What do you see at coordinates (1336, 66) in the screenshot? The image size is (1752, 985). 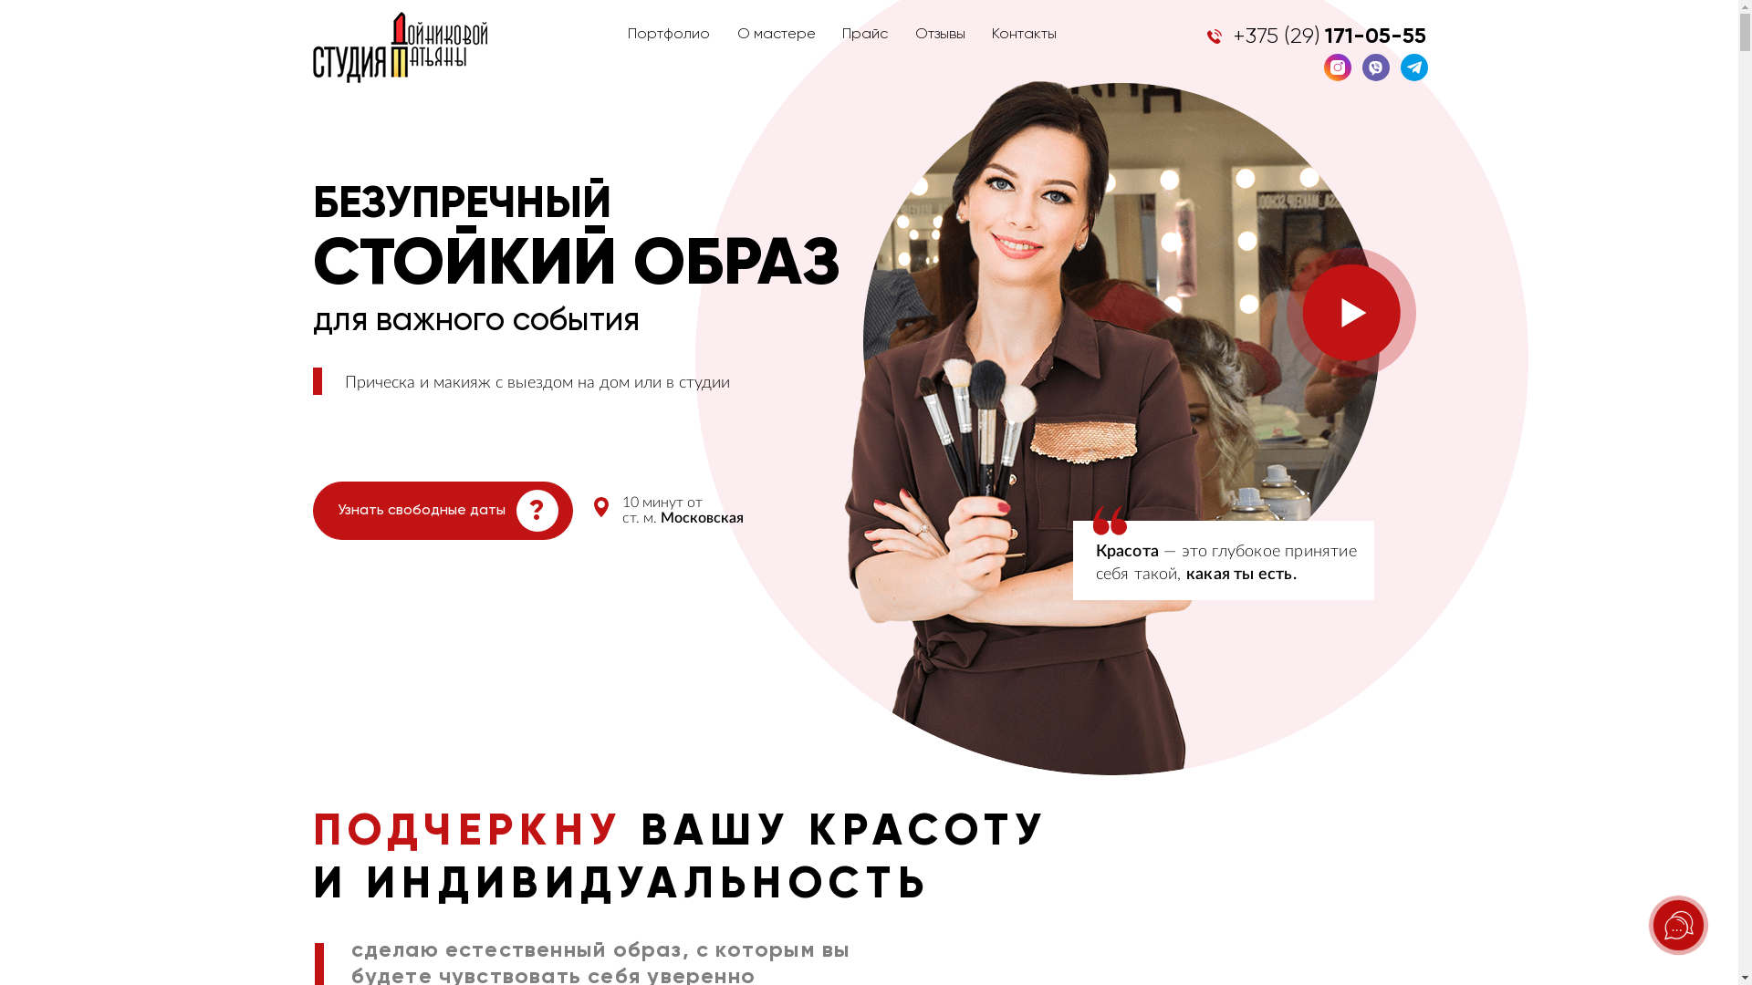 I see `'Instagram'` at bounding box center [1336, 66].